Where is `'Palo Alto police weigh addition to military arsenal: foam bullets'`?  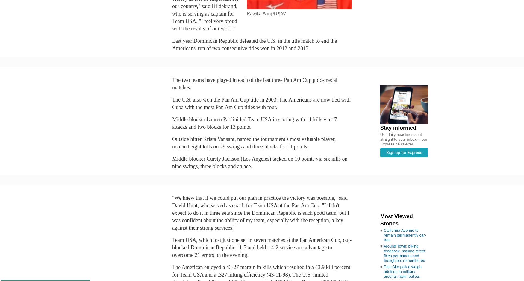
'Palo Alto police weigh addition to military arsenal: foam bullets' is located at coordinates (402, 271).